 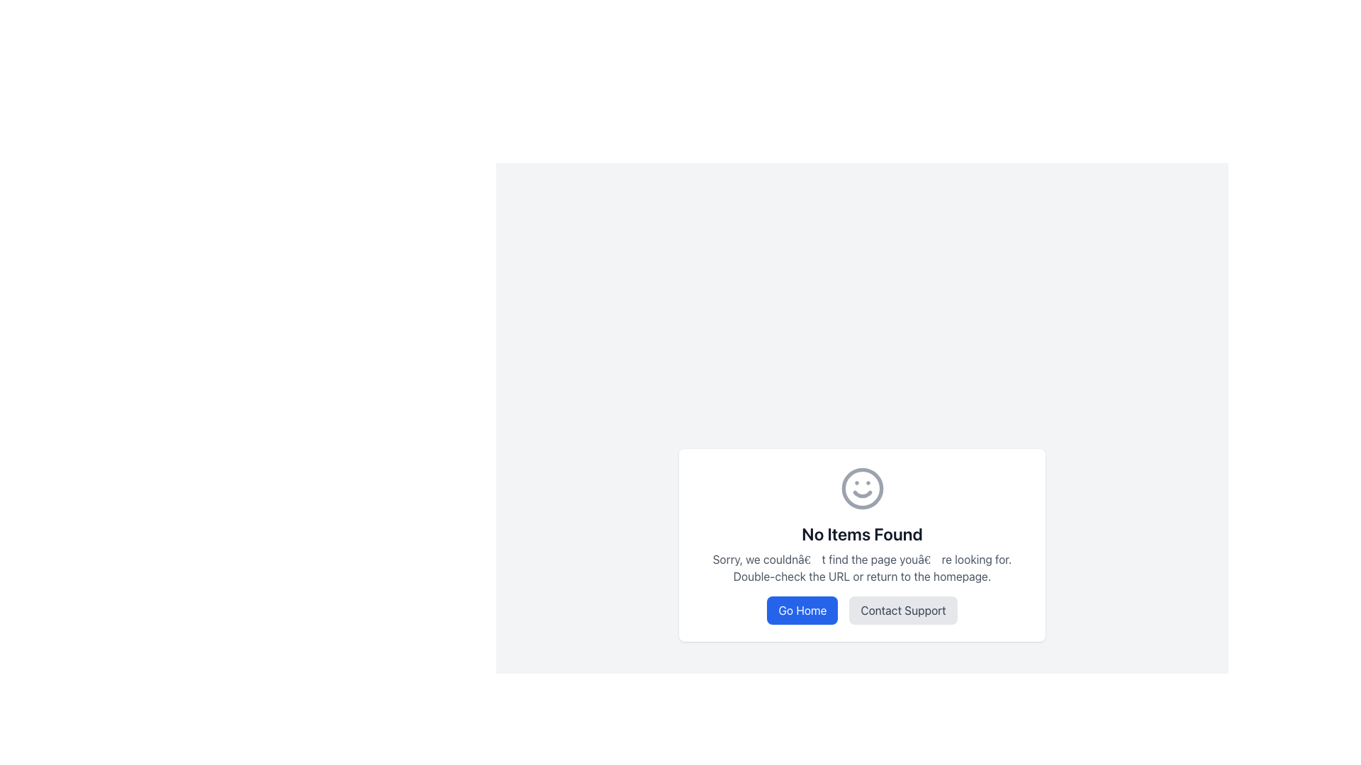 I want to click on informational message that indicates the requested page could not be found, which is located below the 'No Items Found' text and above the 'Go Home' and 'Contact Support' buttons, so click(x=861, y=567).